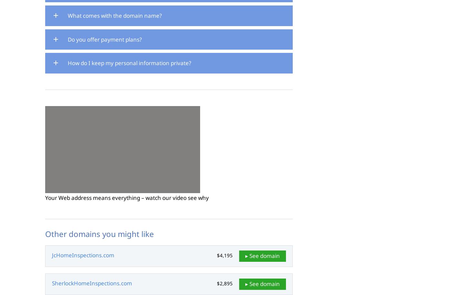  What do you see at coordinates (127, 198) in the screenshot?
I see `'Your Web address means everything – watch our video see why'` at bounding box center [127, 198].